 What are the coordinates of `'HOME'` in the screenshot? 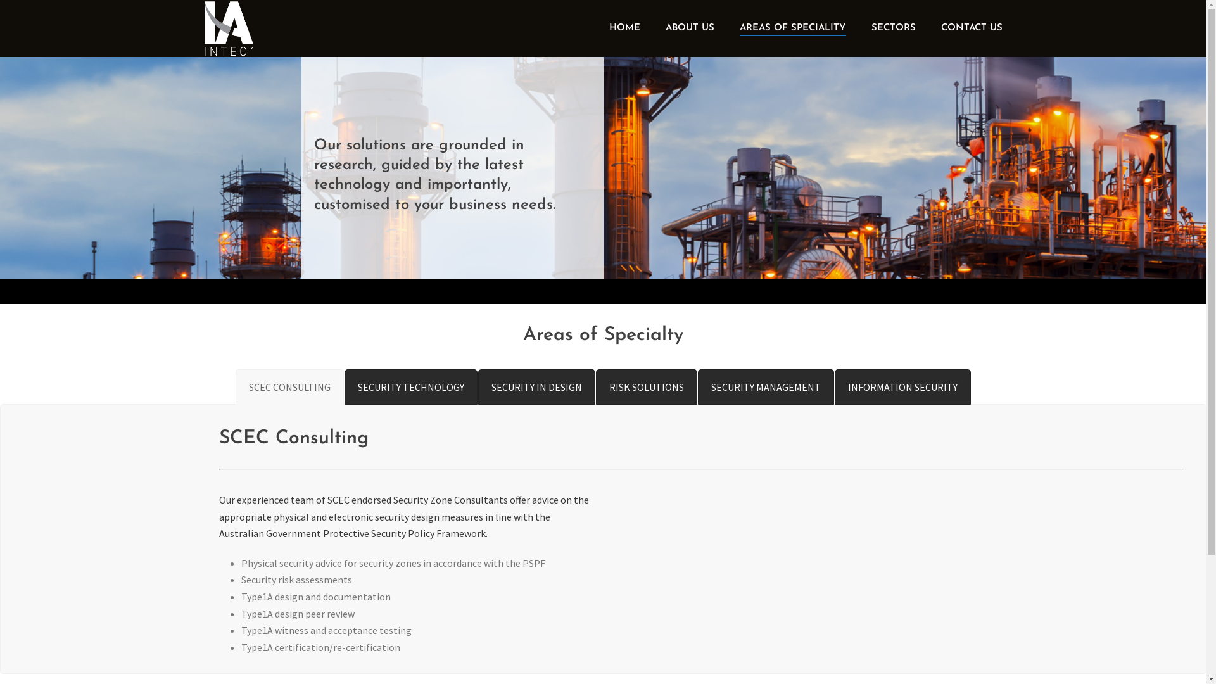 It's located at (595, 28).